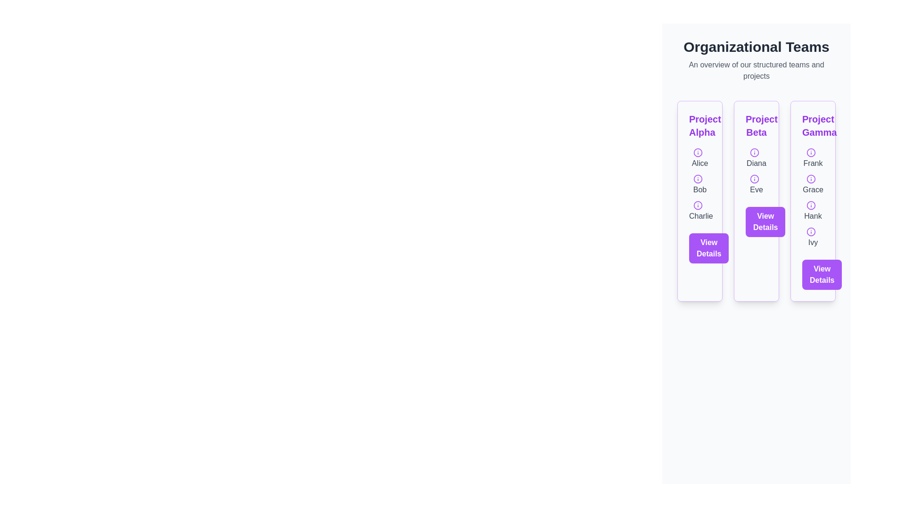  Describe the element at coordinates (699, 201) in the screenshot. I see `the 'Project Alpha' card, which is the first card in the grid layout` at that location.